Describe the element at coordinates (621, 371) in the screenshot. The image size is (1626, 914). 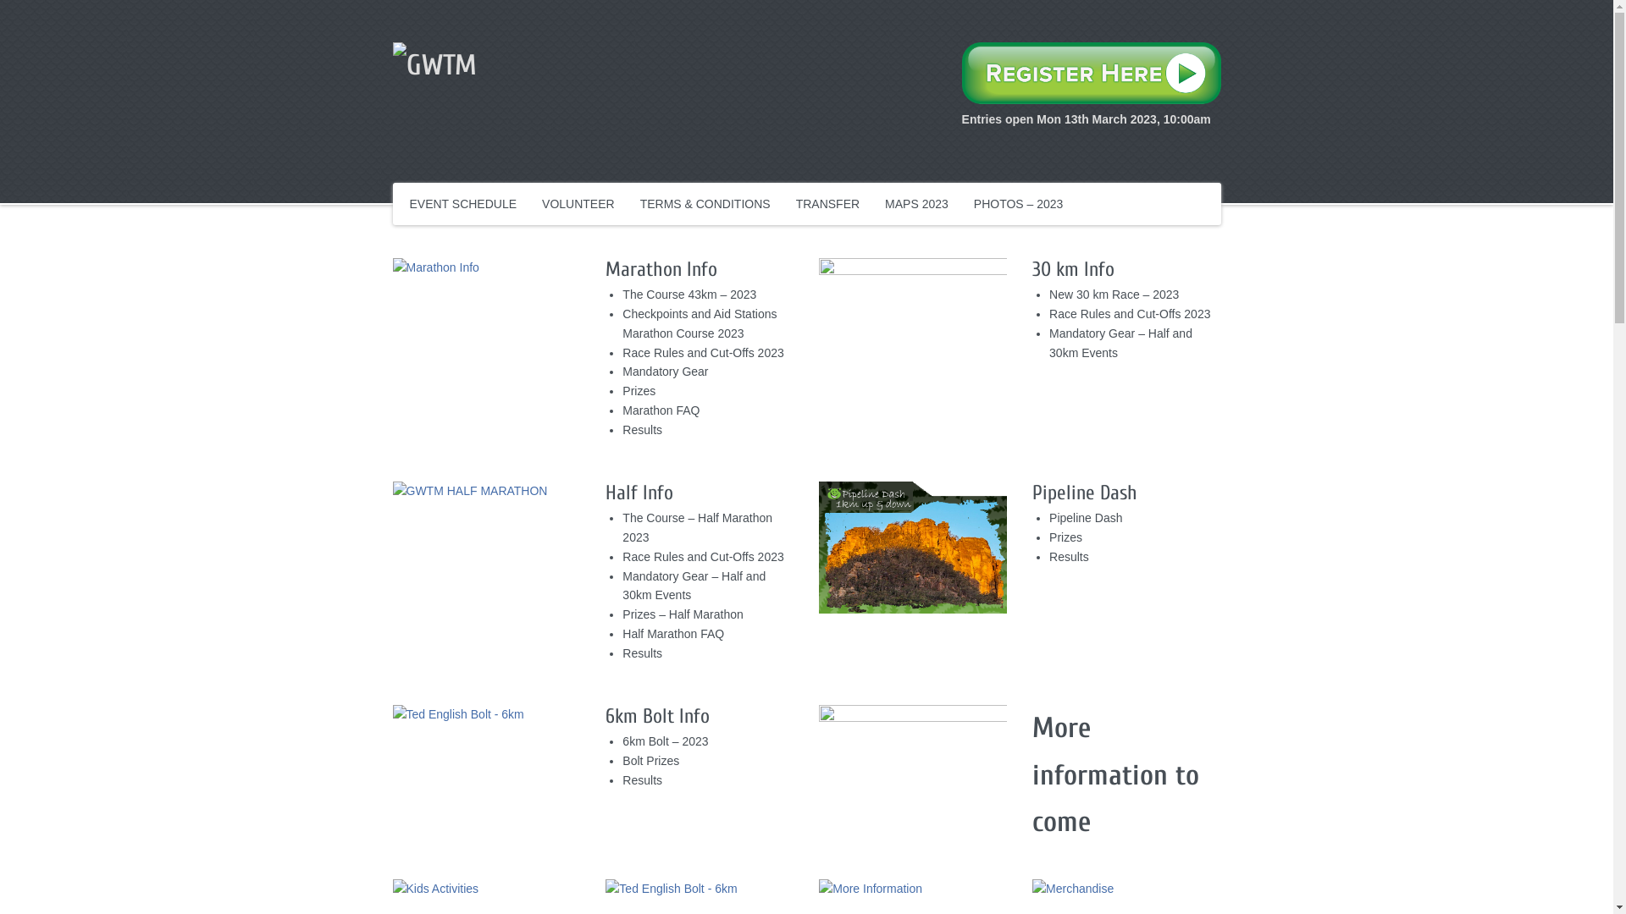
I see `'Mandatory Gear'` at that location.